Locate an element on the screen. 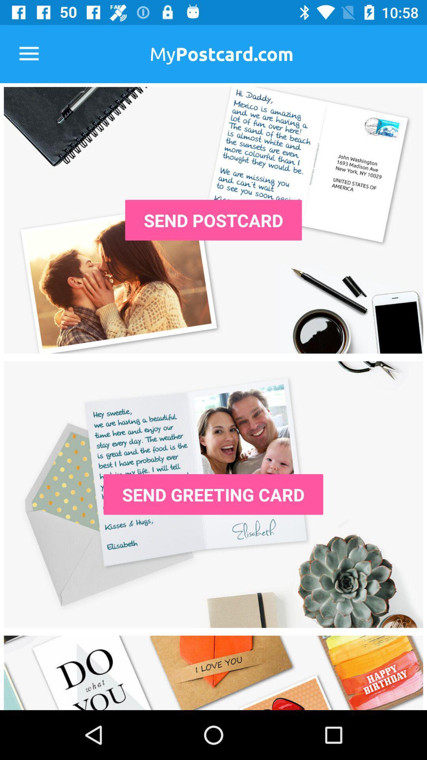 This screenshot has height=760, width=427. swith for send card is located at coordinates (213, 494).